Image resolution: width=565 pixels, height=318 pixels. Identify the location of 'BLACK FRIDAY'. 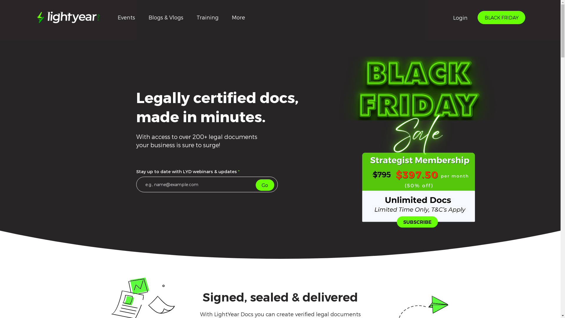
(477, 17).